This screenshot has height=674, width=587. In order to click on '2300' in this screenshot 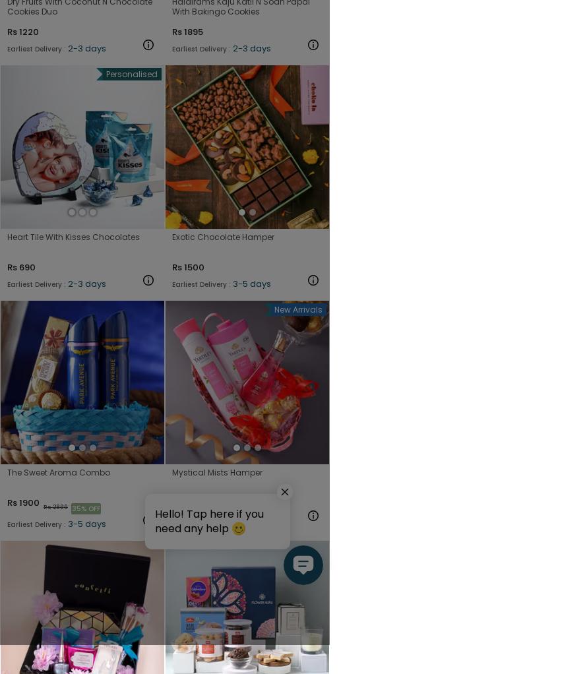, I will do `click(195, 501)`.